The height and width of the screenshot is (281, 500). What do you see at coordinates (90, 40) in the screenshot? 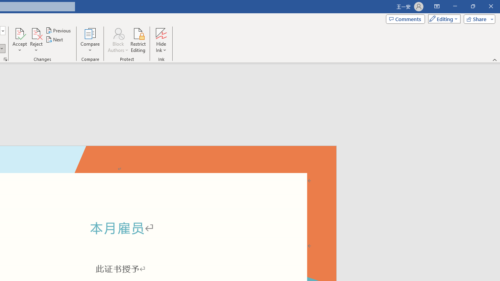
I see `'Compare'` at bounding box center [90, 40].